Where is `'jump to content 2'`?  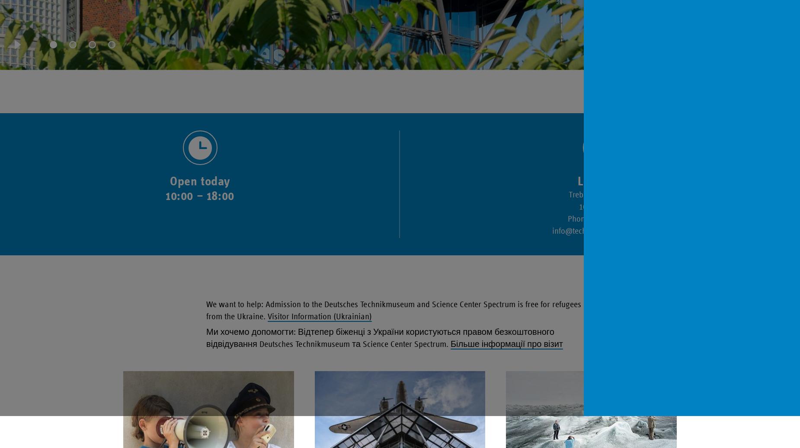 'jump to content 2' is located at coordinates (73, 28).